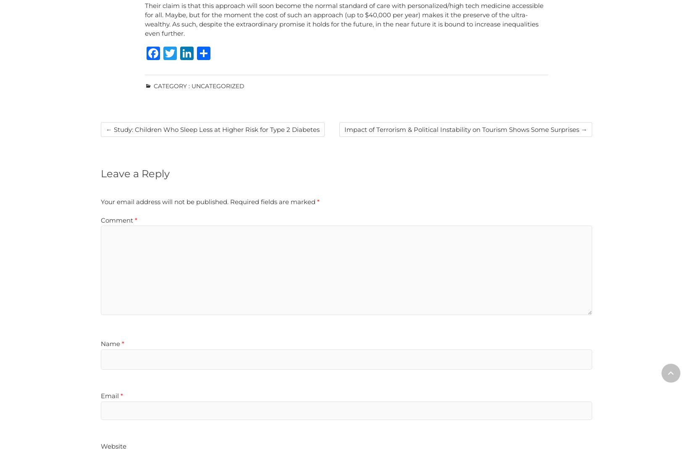 The height and width of the screenshot is (449, 693). Describe the element at coordinates (101, 201) in the screenshot. I see `'Your email address will not be published.'` at that location.